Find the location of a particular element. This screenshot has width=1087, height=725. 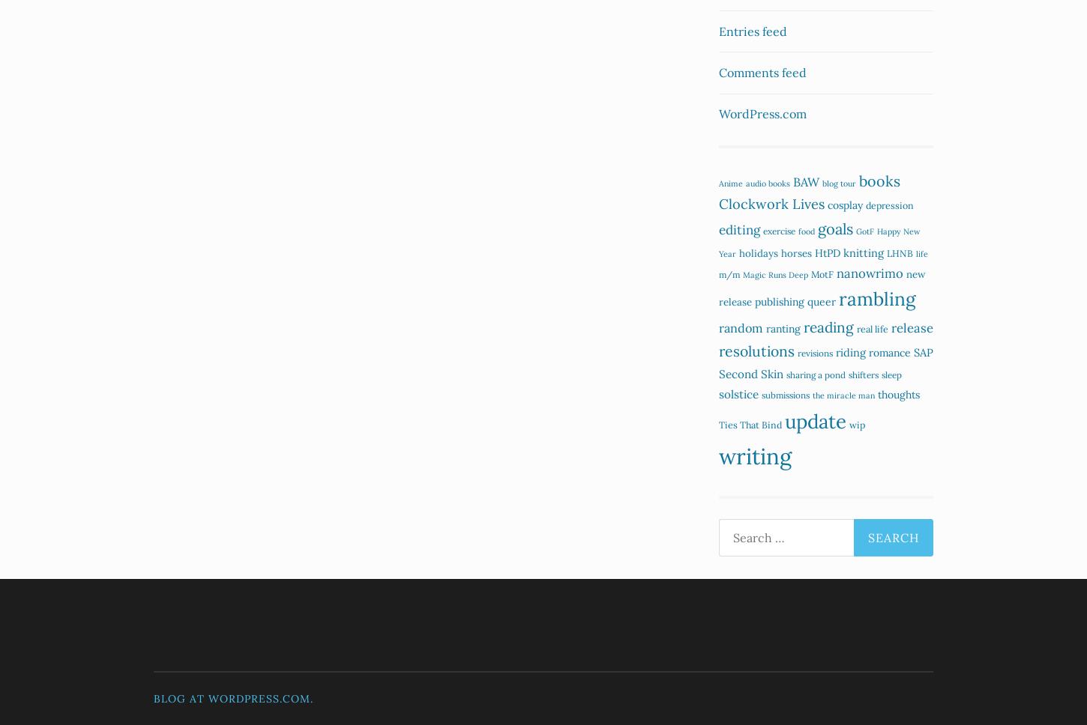

'blog tour' is located at coordinates (838, 183).